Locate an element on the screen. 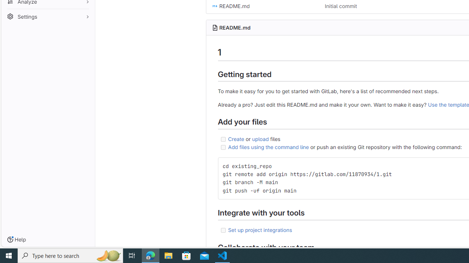  'Initial commit' is located at coordinates (340, 6).